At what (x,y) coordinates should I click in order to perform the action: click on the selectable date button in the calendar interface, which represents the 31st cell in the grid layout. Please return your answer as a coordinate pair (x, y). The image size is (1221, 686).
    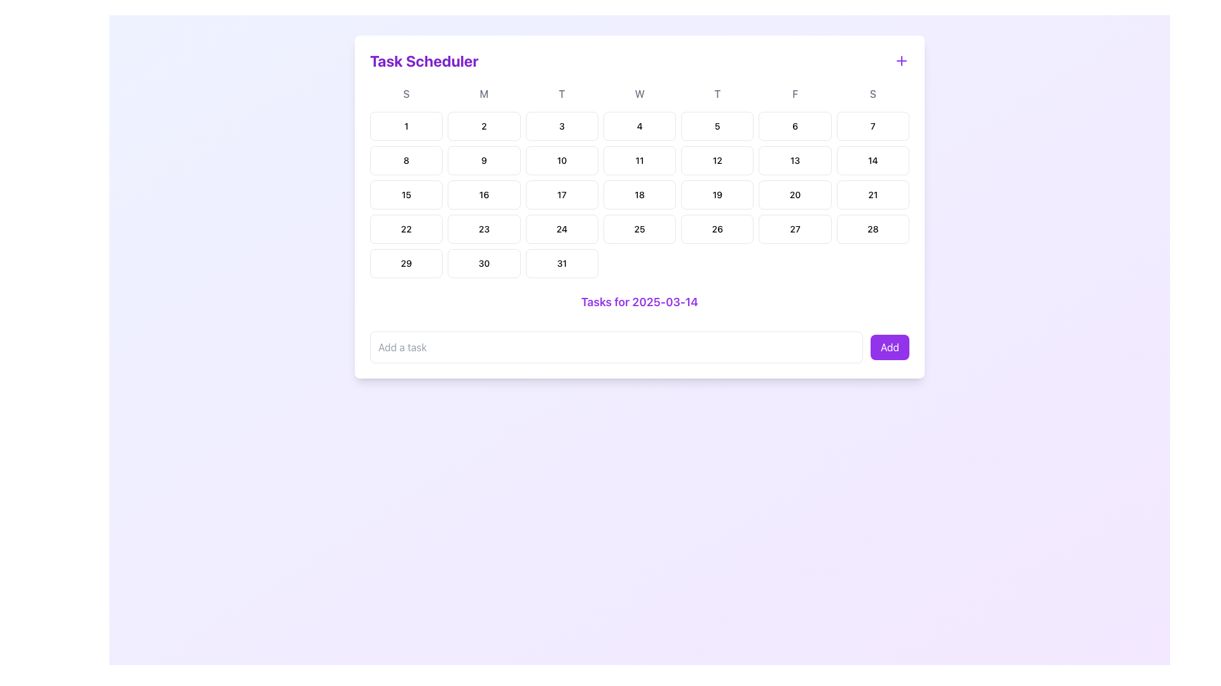
    Looking at the image, I should click on (561, 263).